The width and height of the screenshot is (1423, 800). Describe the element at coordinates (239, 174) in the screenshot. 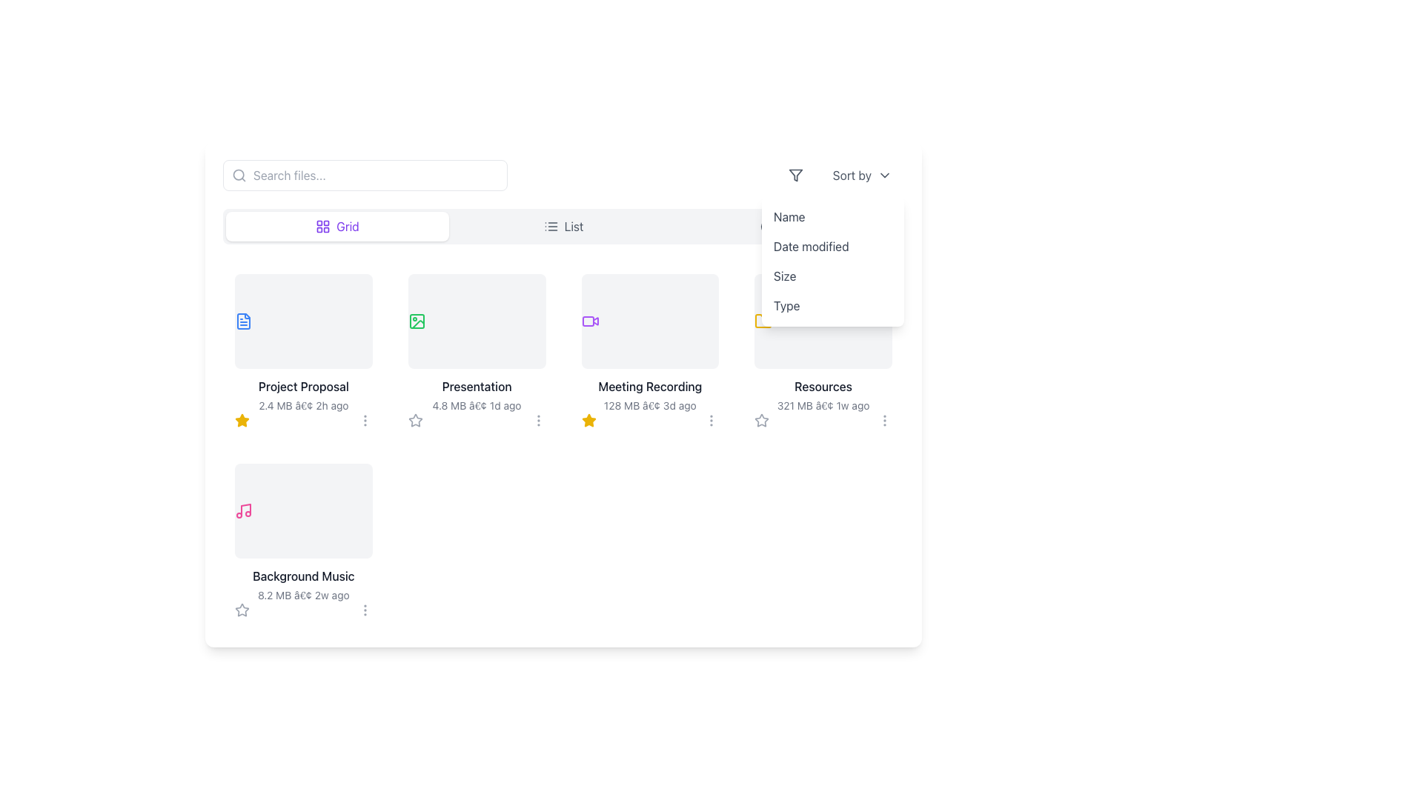

I see `the SVG circle element that is part of the search icon located at the top-left corner of the interface, inside the search bar text field` at that location.